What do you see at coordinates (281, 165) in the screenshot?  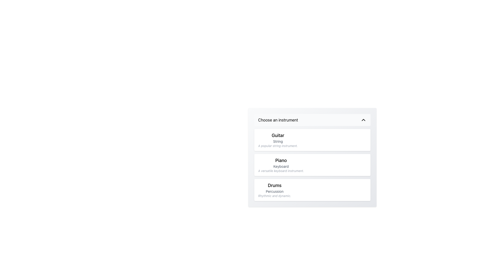 I see `the second list item in the 'Choose an instrument' selection box, which has a bold title 'Piano', a smaller gray text 'Keyboard', and an italicized gray text 'A versatile keyboard instrument'` at bounding box center [281, 165].